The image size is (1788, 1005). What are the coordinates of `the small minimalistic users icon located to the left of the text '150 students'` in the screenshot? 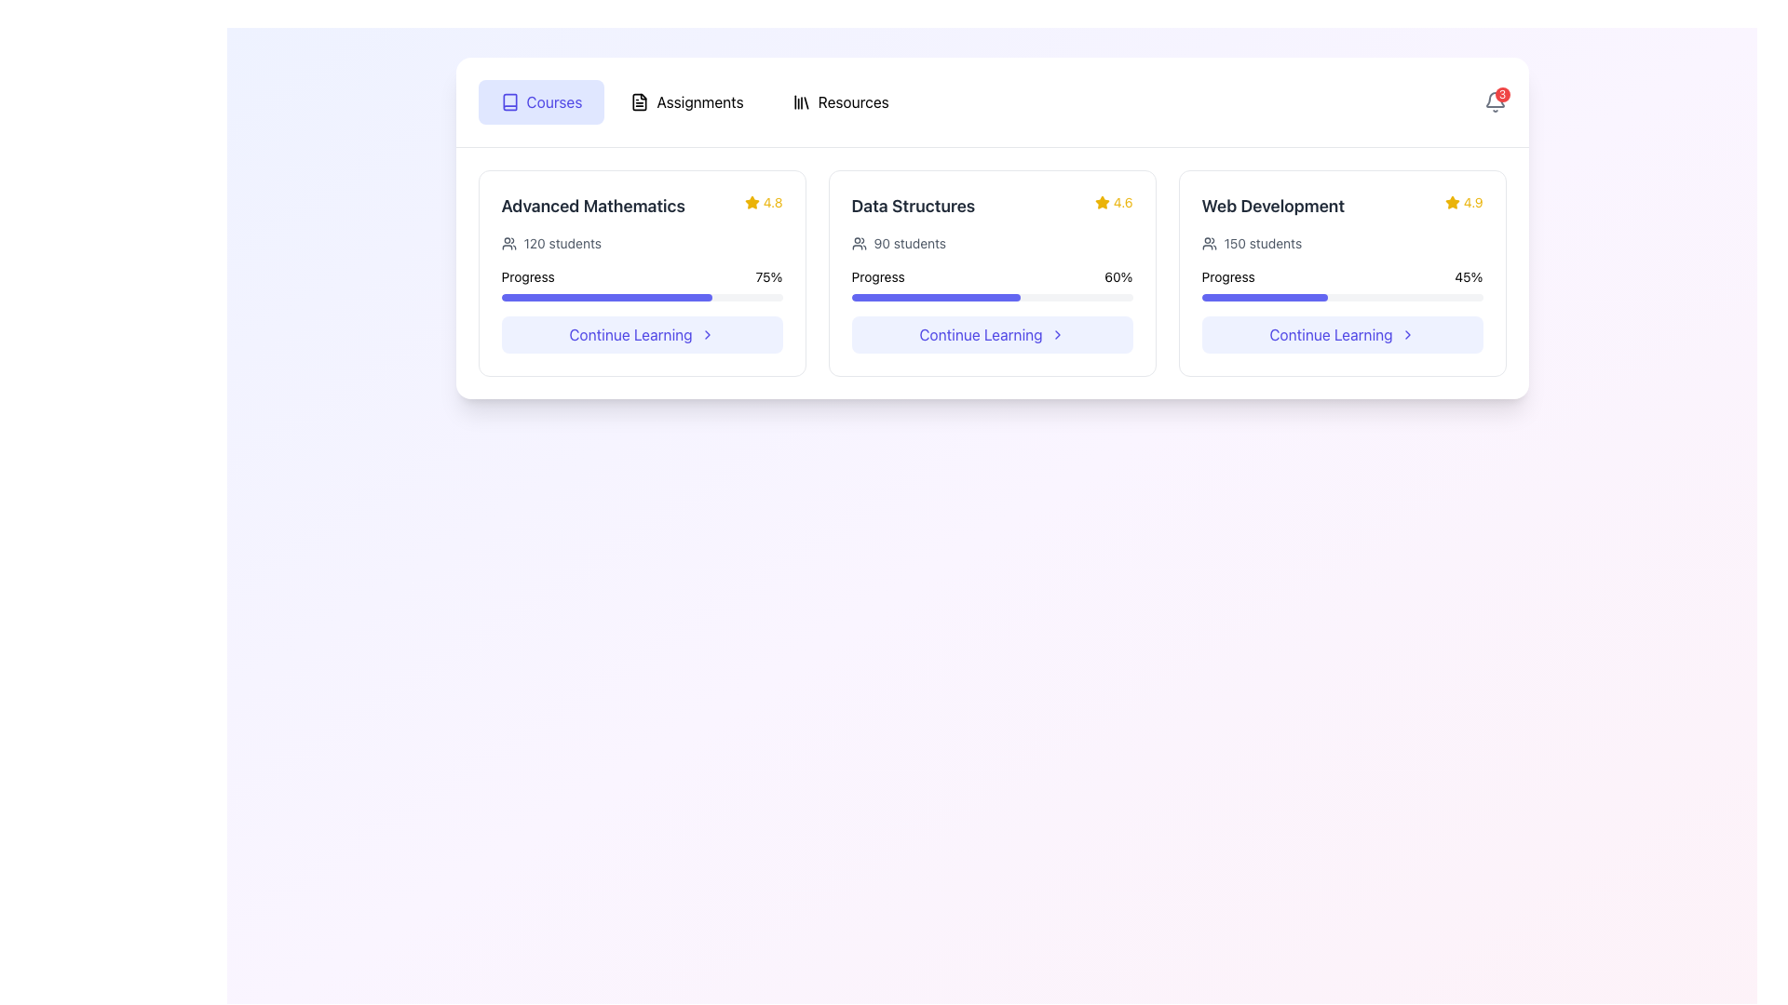 It's located at (1209, 243).